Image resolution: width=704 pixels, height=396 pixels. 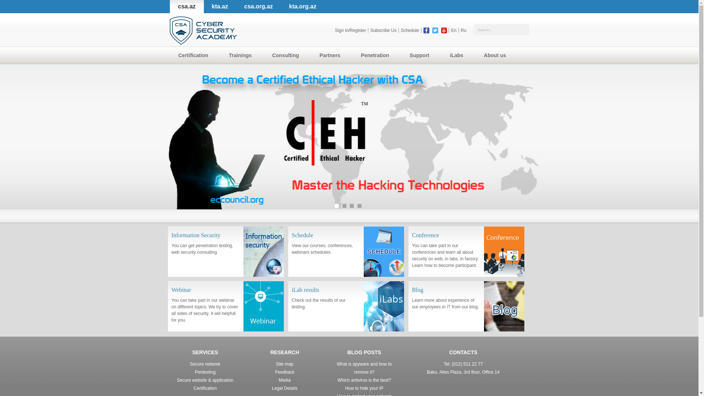 I want to click on 'Certification', so click(x=205, y=388).